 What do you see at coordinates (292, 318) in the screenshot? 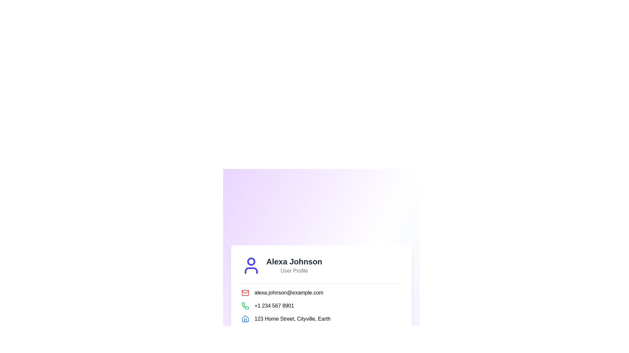
I see `the static text displaying the user's address, which follows a house icon and is positioned below a phone number` at bounding box center [292, 318].